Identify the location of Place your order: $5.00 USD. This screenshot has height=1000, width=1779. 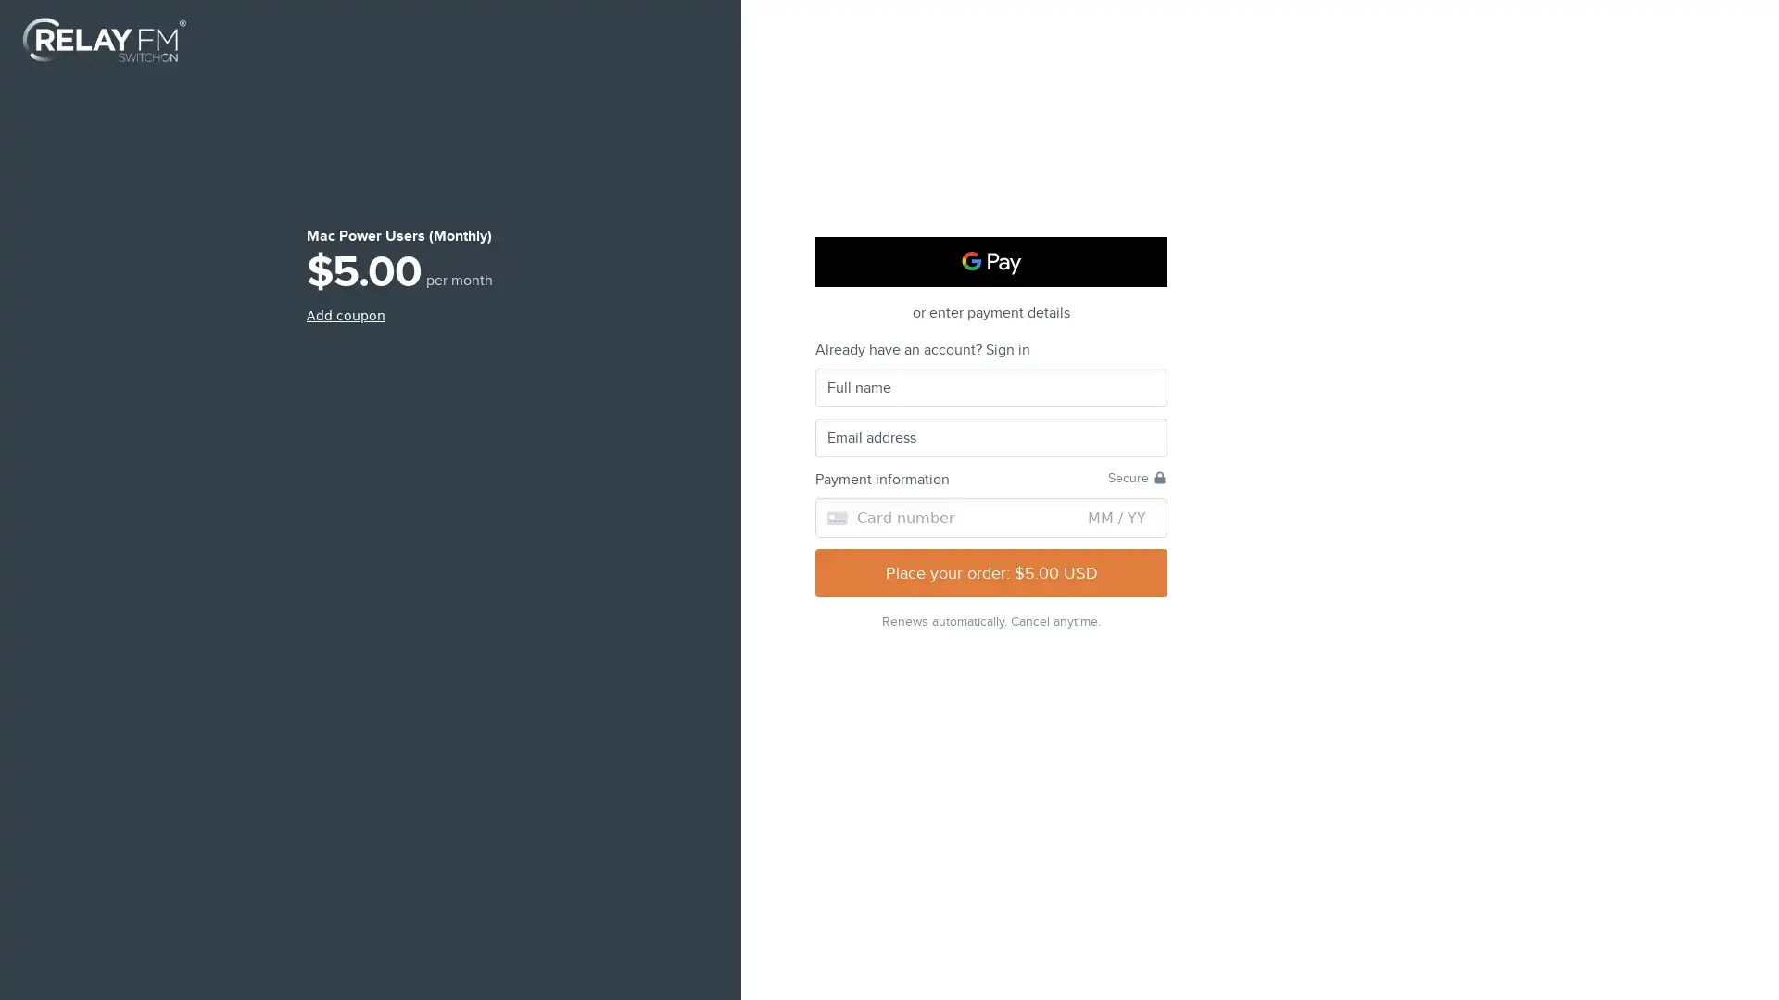
(990, 571).